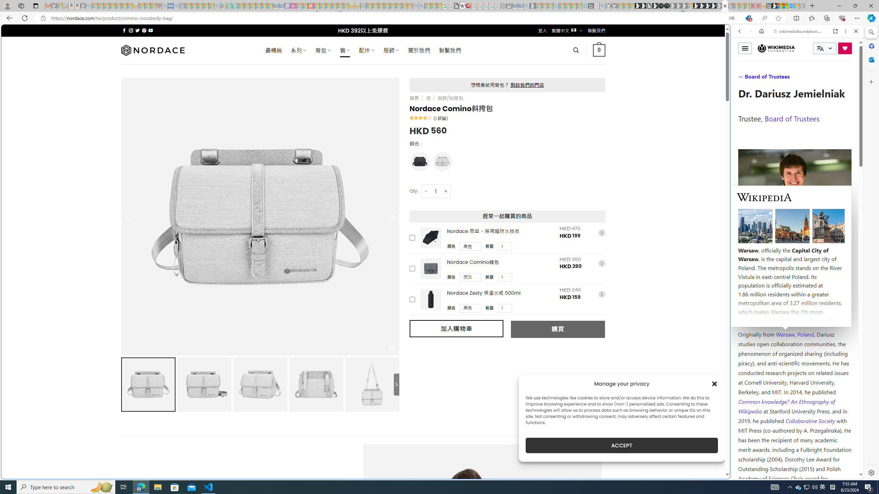 Image resolution: width=879 pixels, height=494 pixels. I want to click on 'Board of Trustees', so click(792, 118).